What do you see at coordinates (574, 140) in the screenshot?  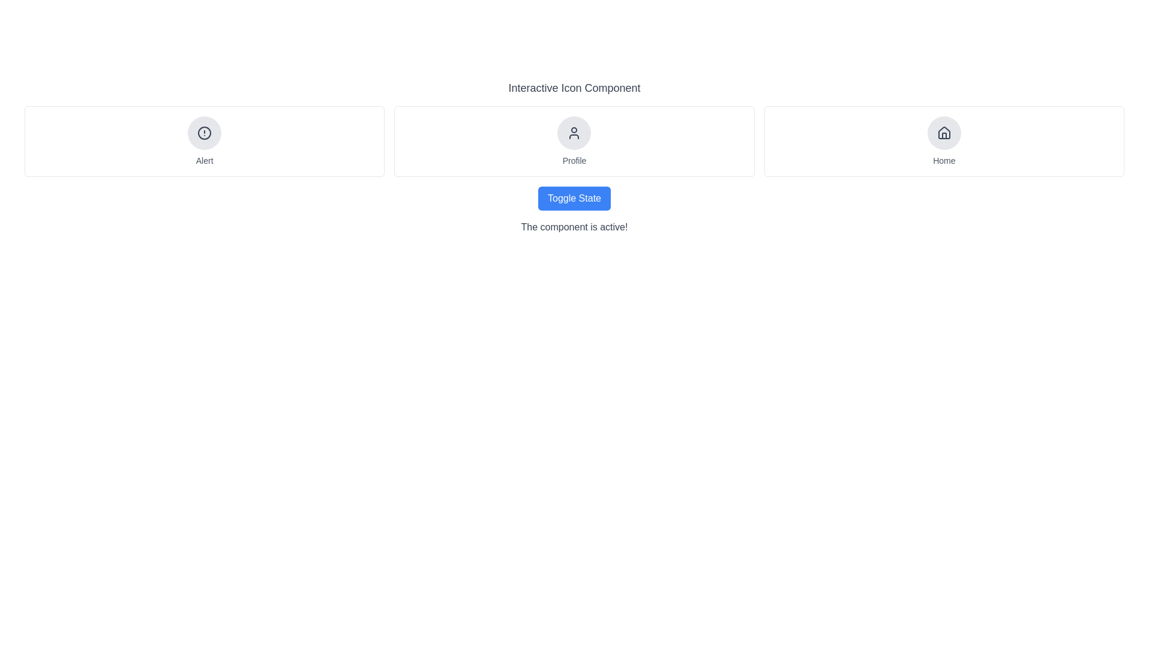 I see `the user profile section button-like card located centrally between the 'Alert' and 'Home' elements in the three-column grid layout` at bounding box center [574, 140].